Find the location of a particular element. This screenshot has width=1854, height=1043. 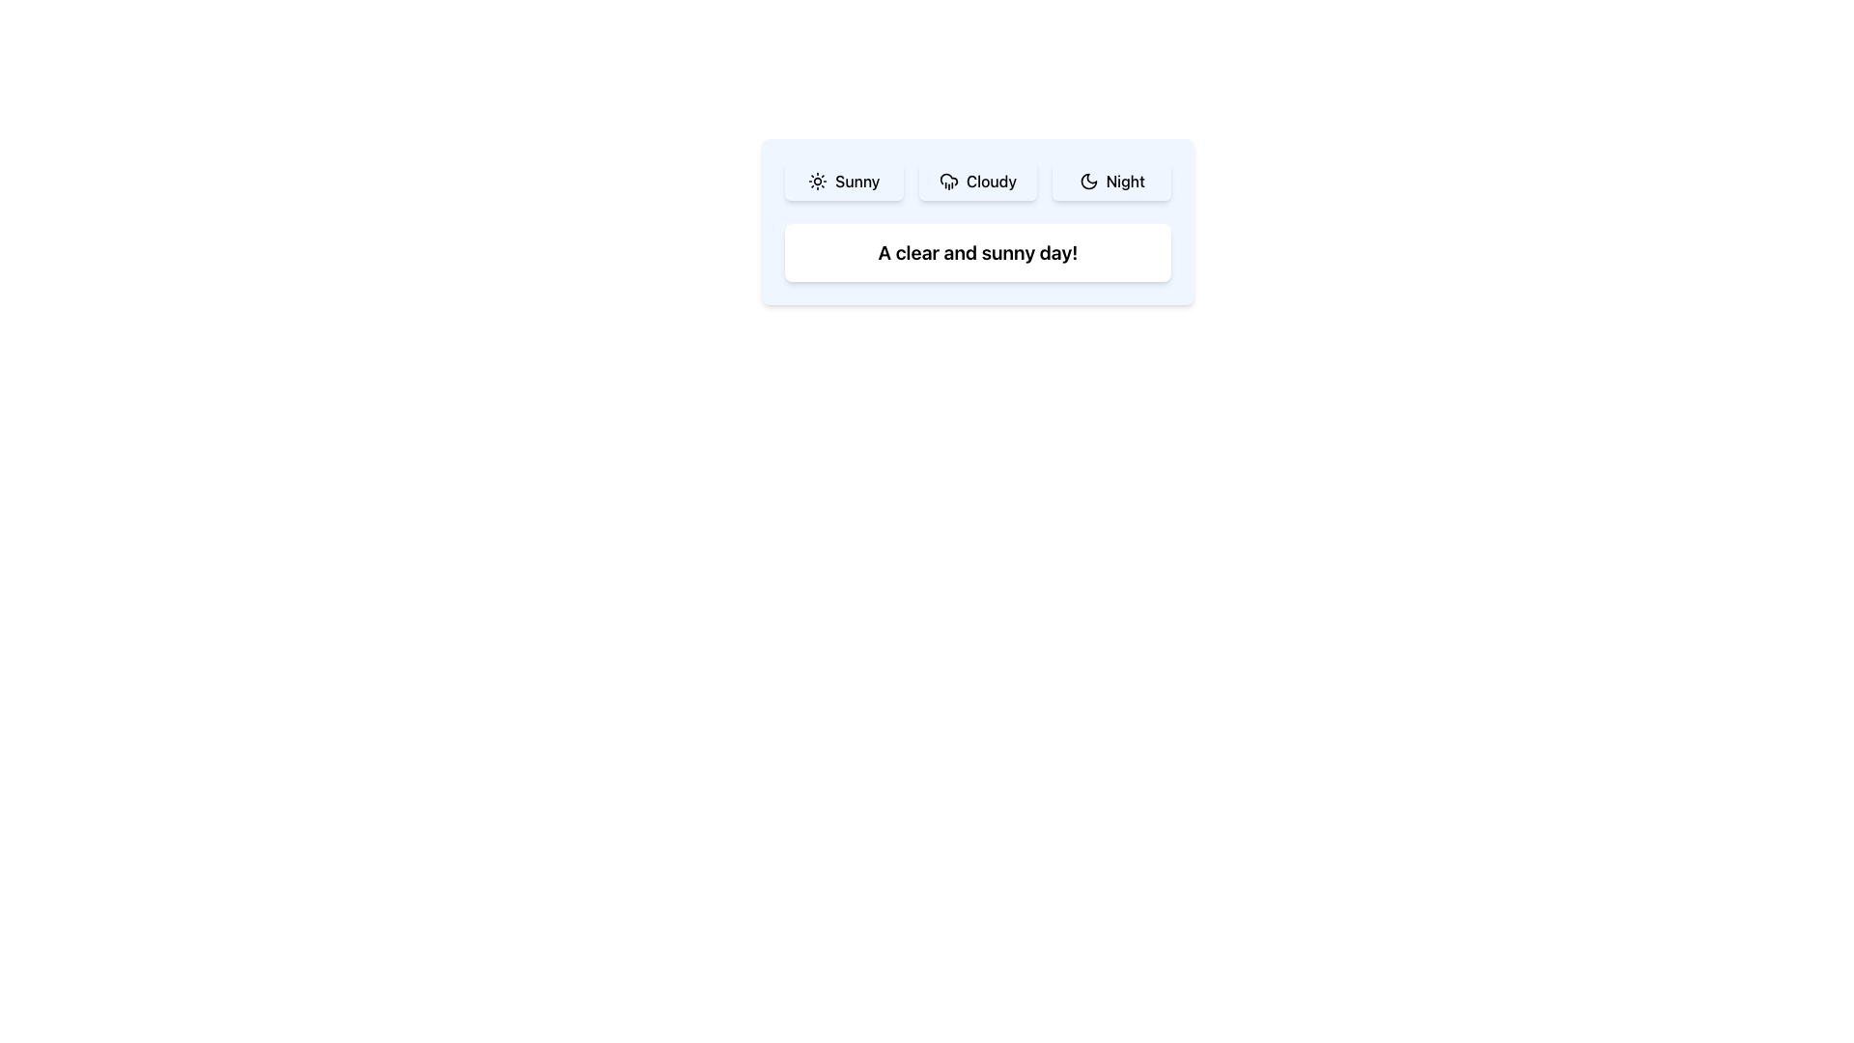

the 'Night' button, which features a crescent moon icon and is the third button in a group of three is located at coordinates (1111, 182).